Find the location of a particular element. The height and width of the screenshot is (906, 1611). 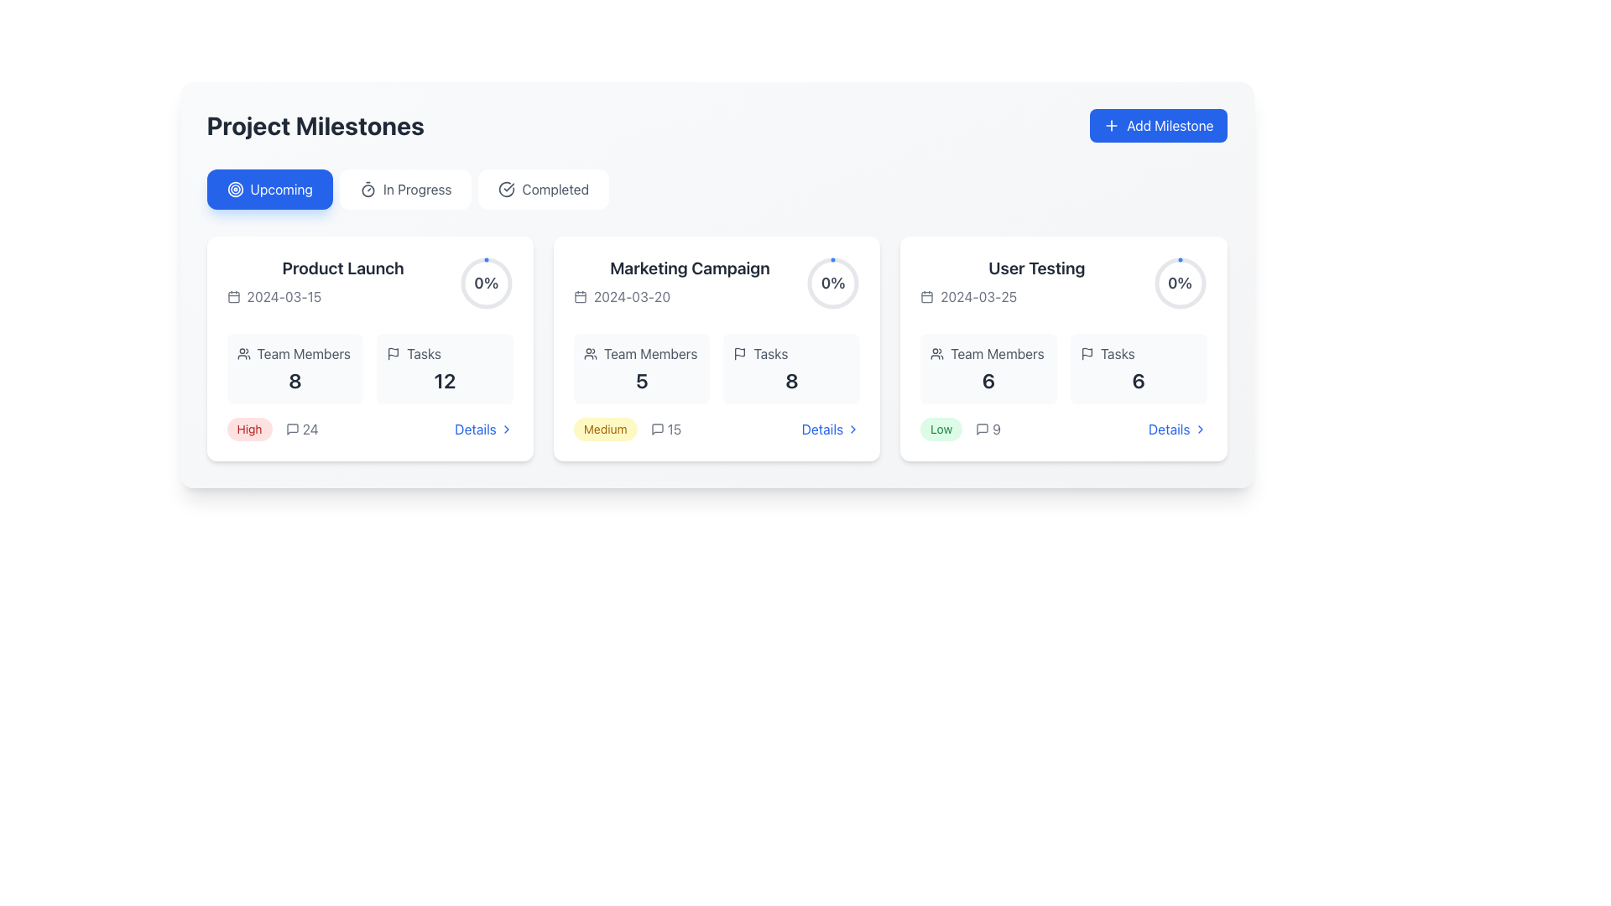

the progress value within the circular progress indicator surrounding the numeric text '0%' in the milestone card labeled 'Marketing Campaign' is located at coordinates (833, 283).